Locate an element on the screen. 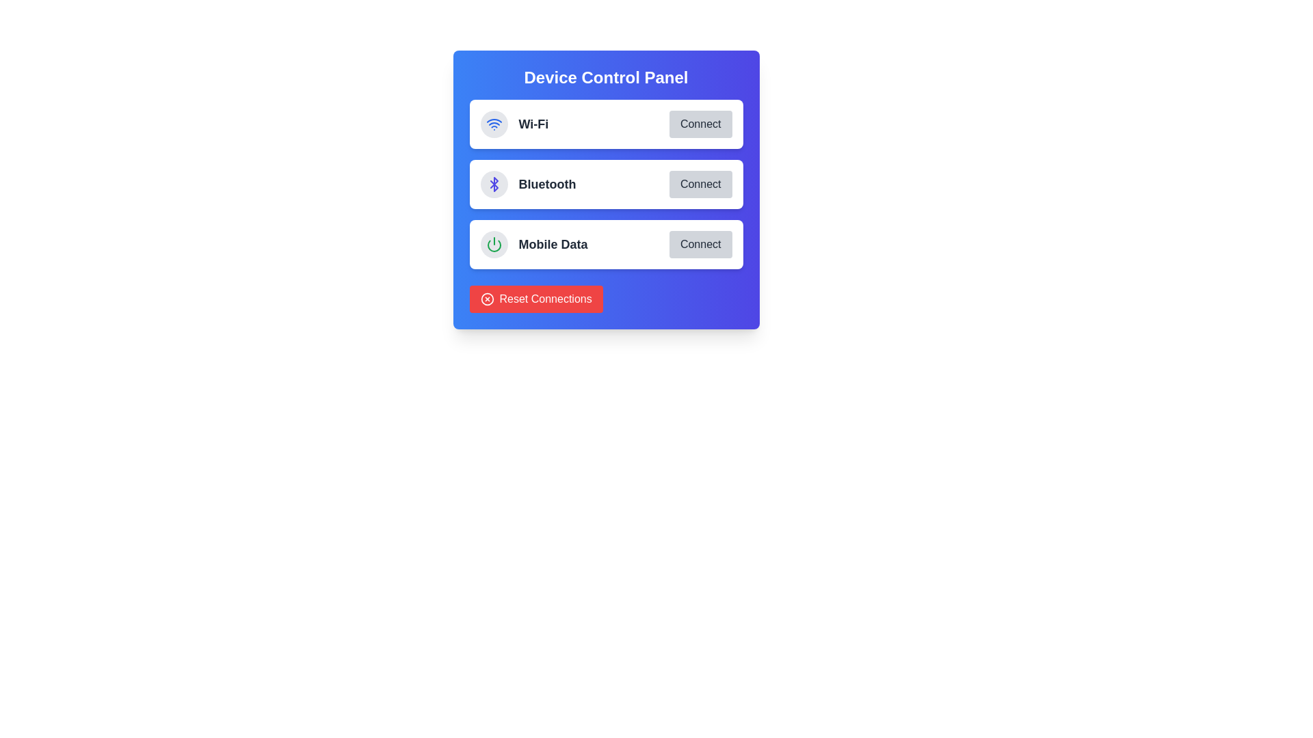  the circular Bluetooth icon with a gray background and blue symbol, located in the Device Control Panel between the 'Wi-Fi' and 'Mobile Data' options is located at coordinates (493, 184).